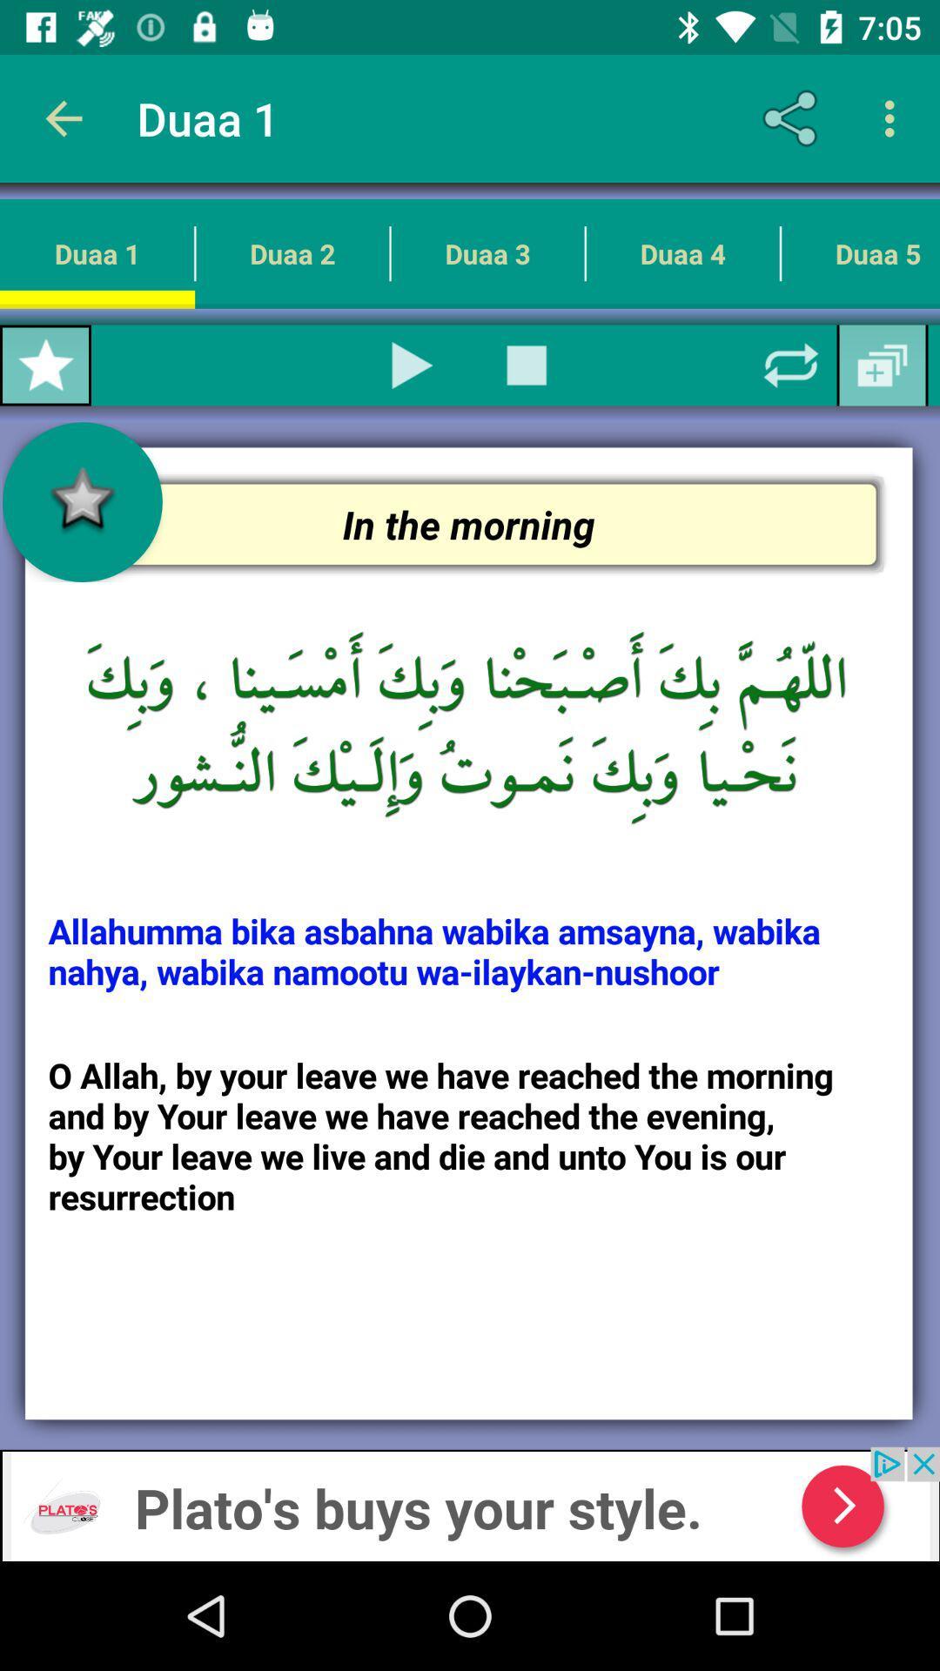 The height and width of the screenshot is (1671, 940). I want to click on the star icon, so click(82, 501).